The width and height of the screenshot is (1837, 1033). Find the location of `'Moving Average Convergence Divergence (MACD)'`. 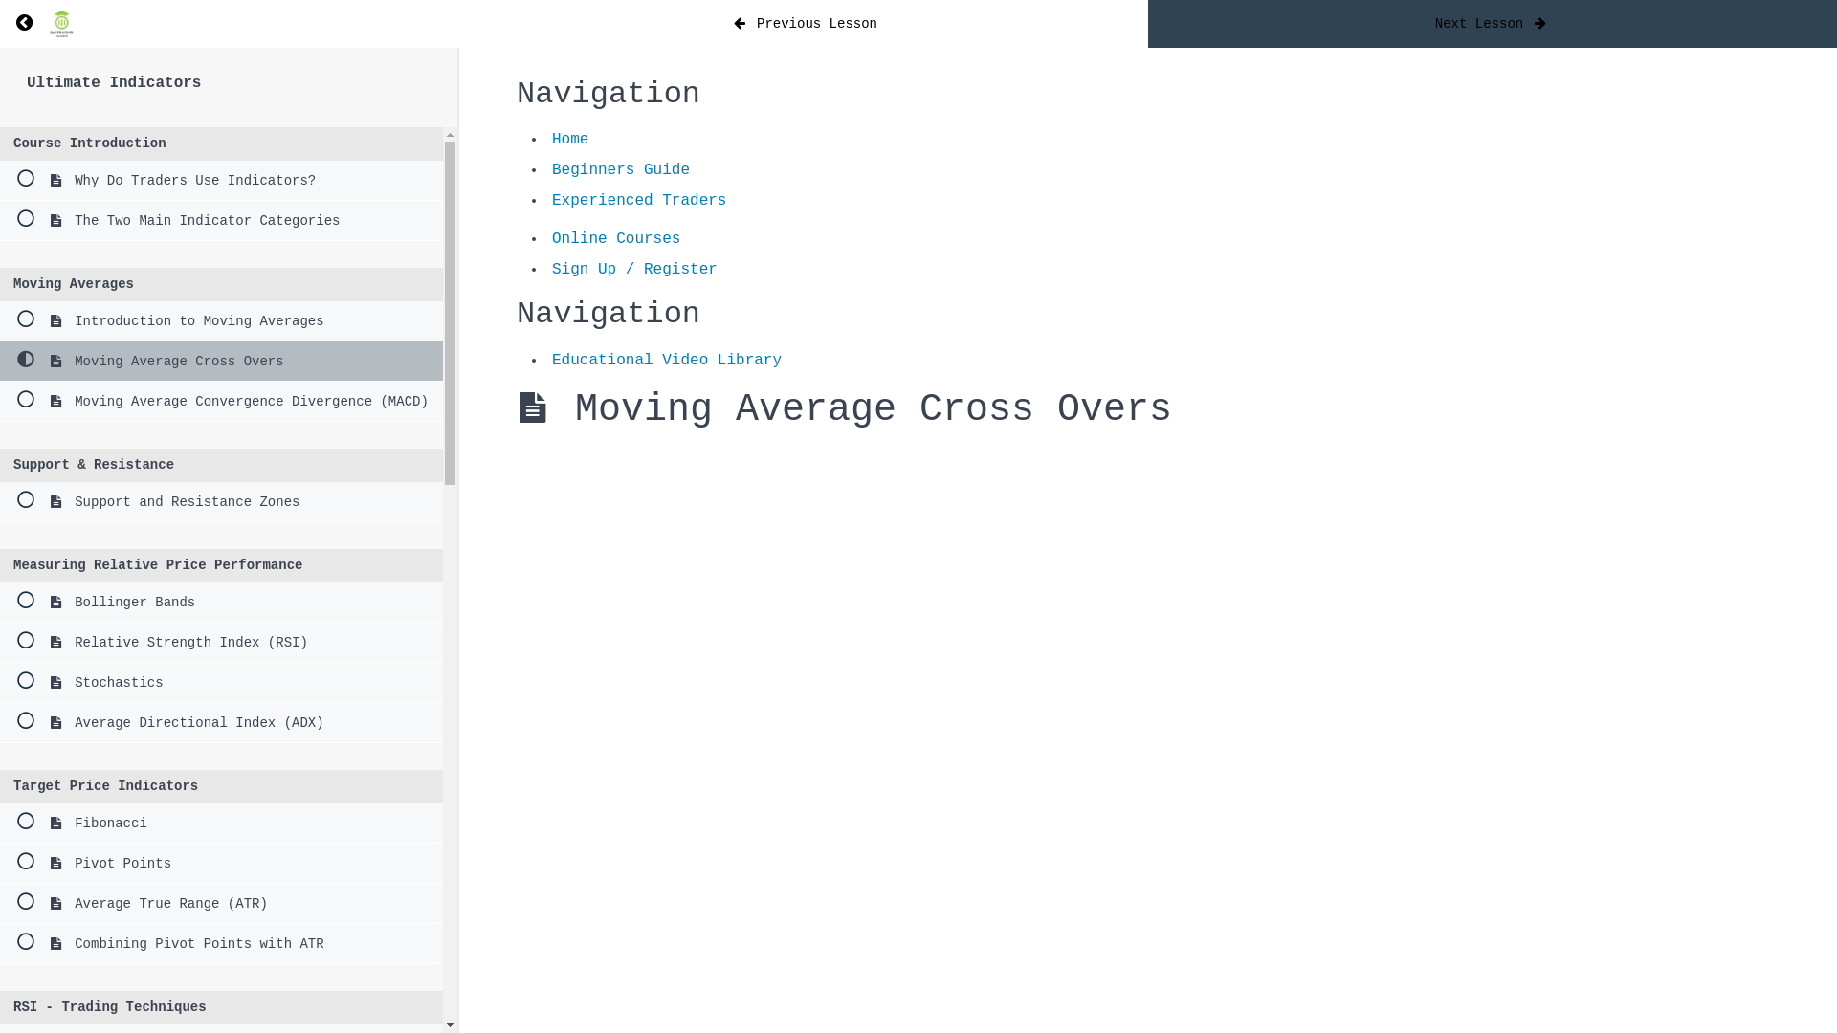

'Moving Average Convergence Divergence (MACD)' is located at coordinates (221, 401).